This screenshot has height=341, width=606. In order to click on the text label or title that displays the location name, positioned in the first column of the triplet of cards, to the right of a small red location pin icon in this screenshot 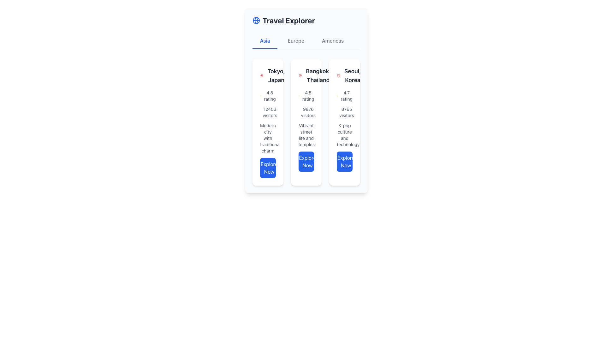, I will do `click(276, 75)`.